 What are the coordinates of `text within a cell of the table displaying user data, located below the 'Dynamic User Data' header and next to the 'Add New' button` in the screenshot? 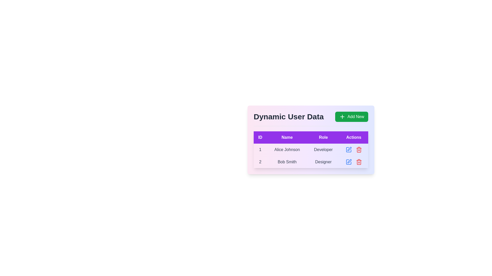 It's located at (311, 149).